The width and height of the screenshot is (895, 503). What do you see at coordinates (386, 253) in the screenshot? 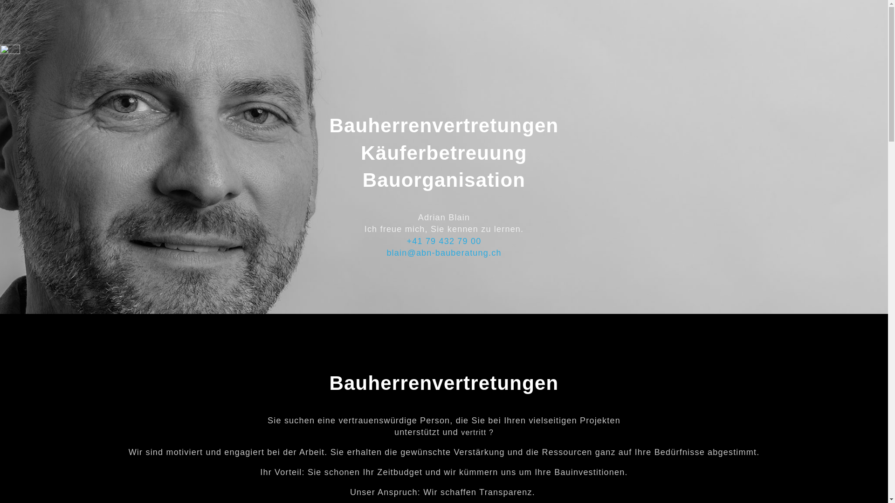
I see `'blain@abn-bauberatung.ch'` at bounding box center [386, 253].